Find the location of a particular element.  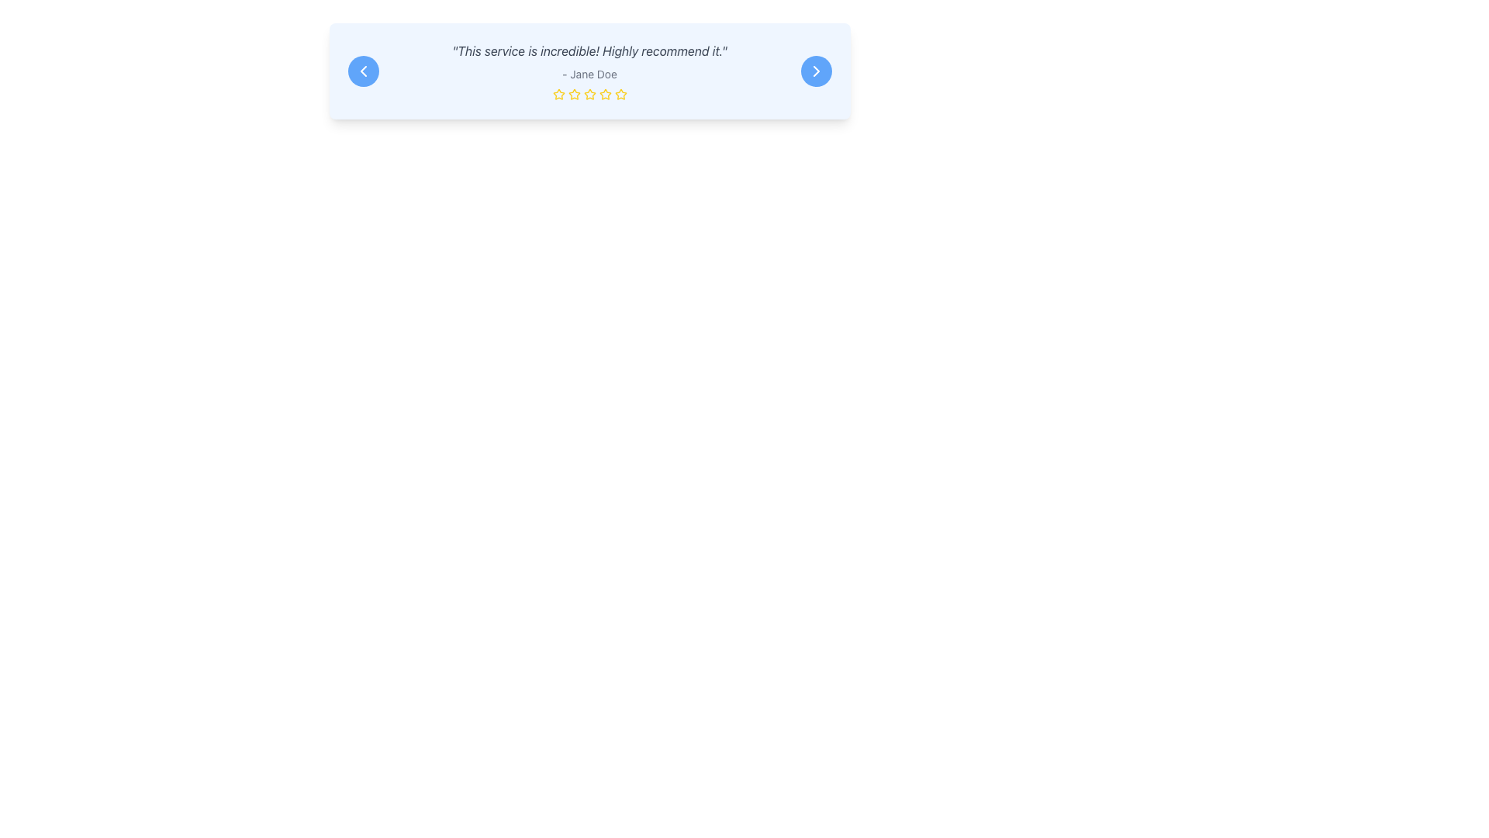

the left-chevron icon with a hollow appearance, located within a circular blue button at the leftmost corner of a testimonial card, to trigger the tooltip is located at coordinates (362, 71).